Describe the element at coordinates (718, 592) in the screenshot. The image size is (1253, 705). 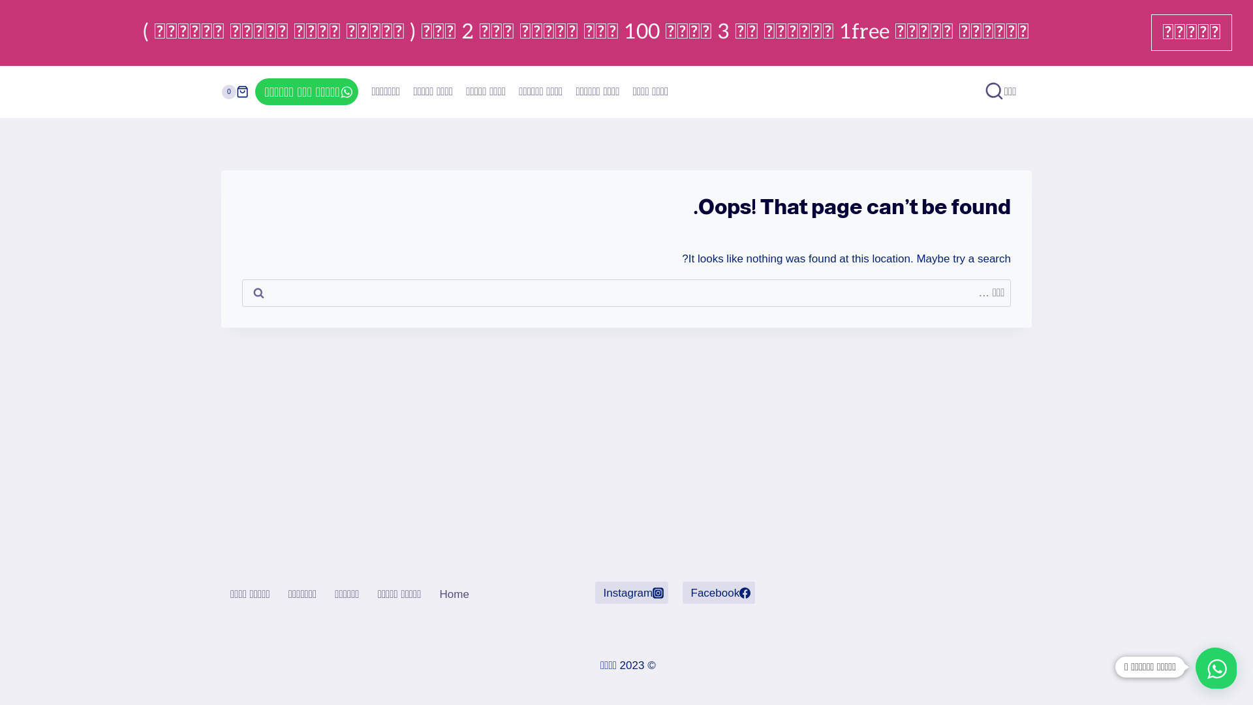
I see `'Facebook'` at that location.